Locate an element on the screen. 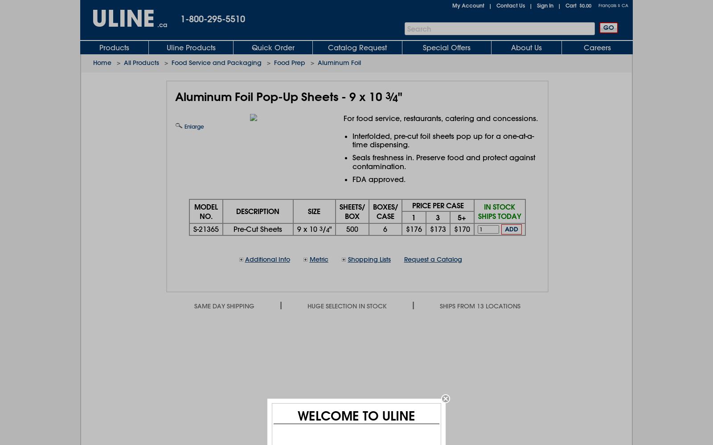 Image resolution: width=713 pixels, height=445 pixels. 'PRICE PER CASE' is located at coordinates (437, 204).